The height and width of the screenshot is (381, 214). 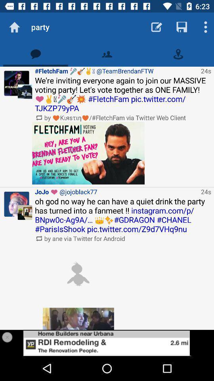 What do you see at coordinates (123, 215) in the screenshot?
I see `the item above by ane via item` at bounding box center [123, 215].